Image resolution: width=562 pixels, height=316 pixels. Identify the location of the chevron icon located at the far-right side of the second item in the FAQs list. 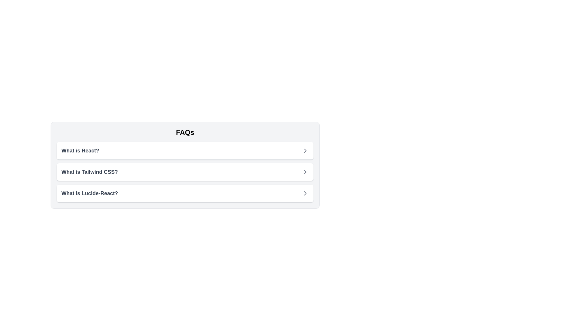
(305, 171).